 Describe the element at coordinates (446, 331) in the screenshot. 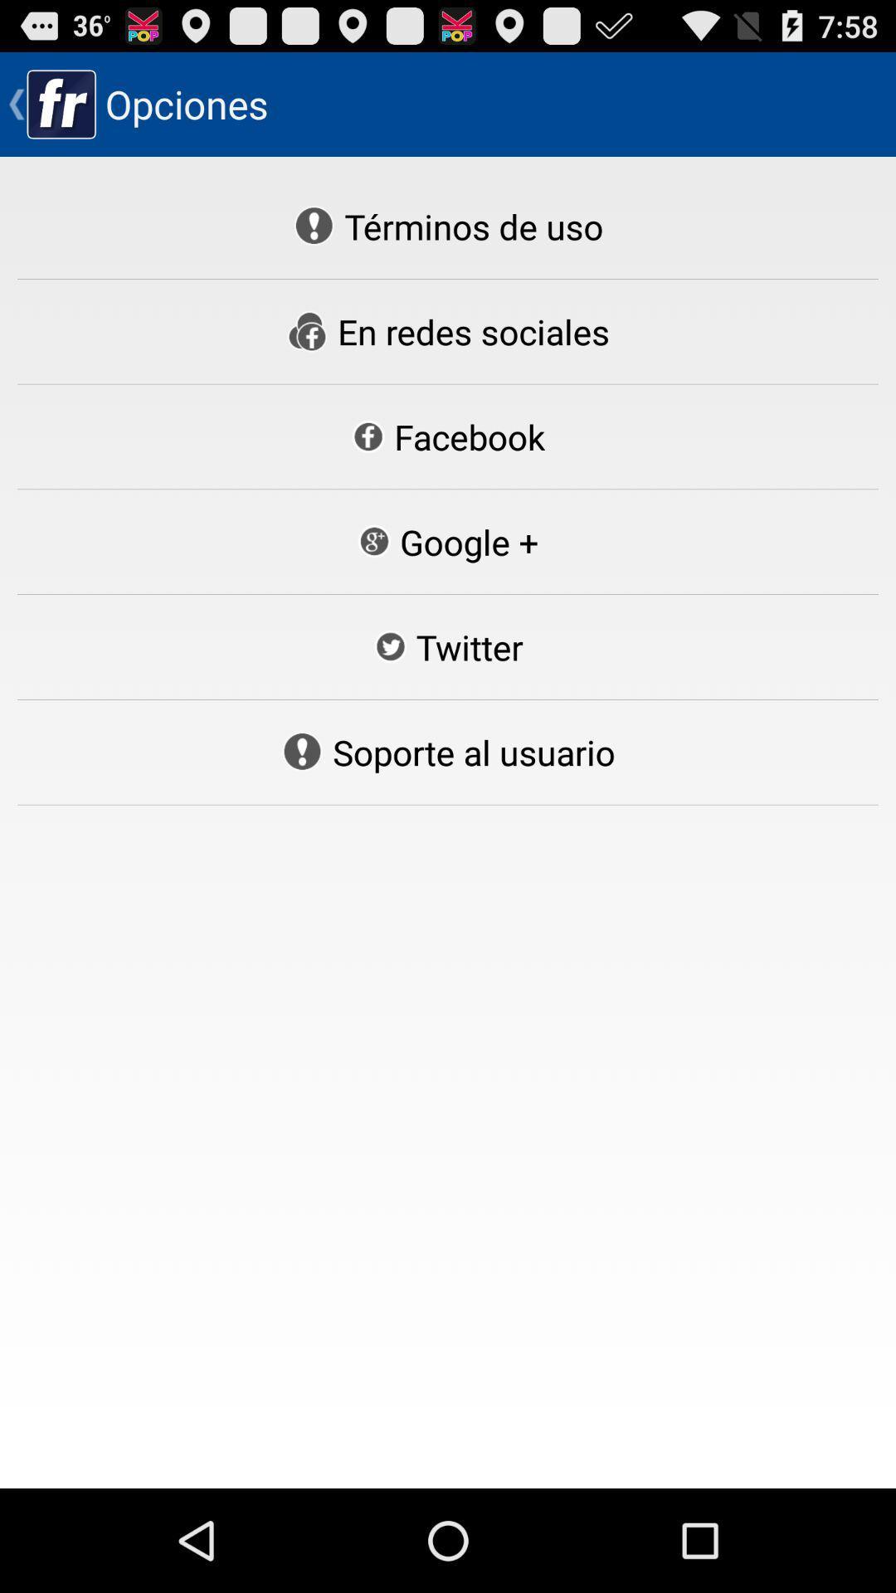

I see `the en redes sociales button` at that location.